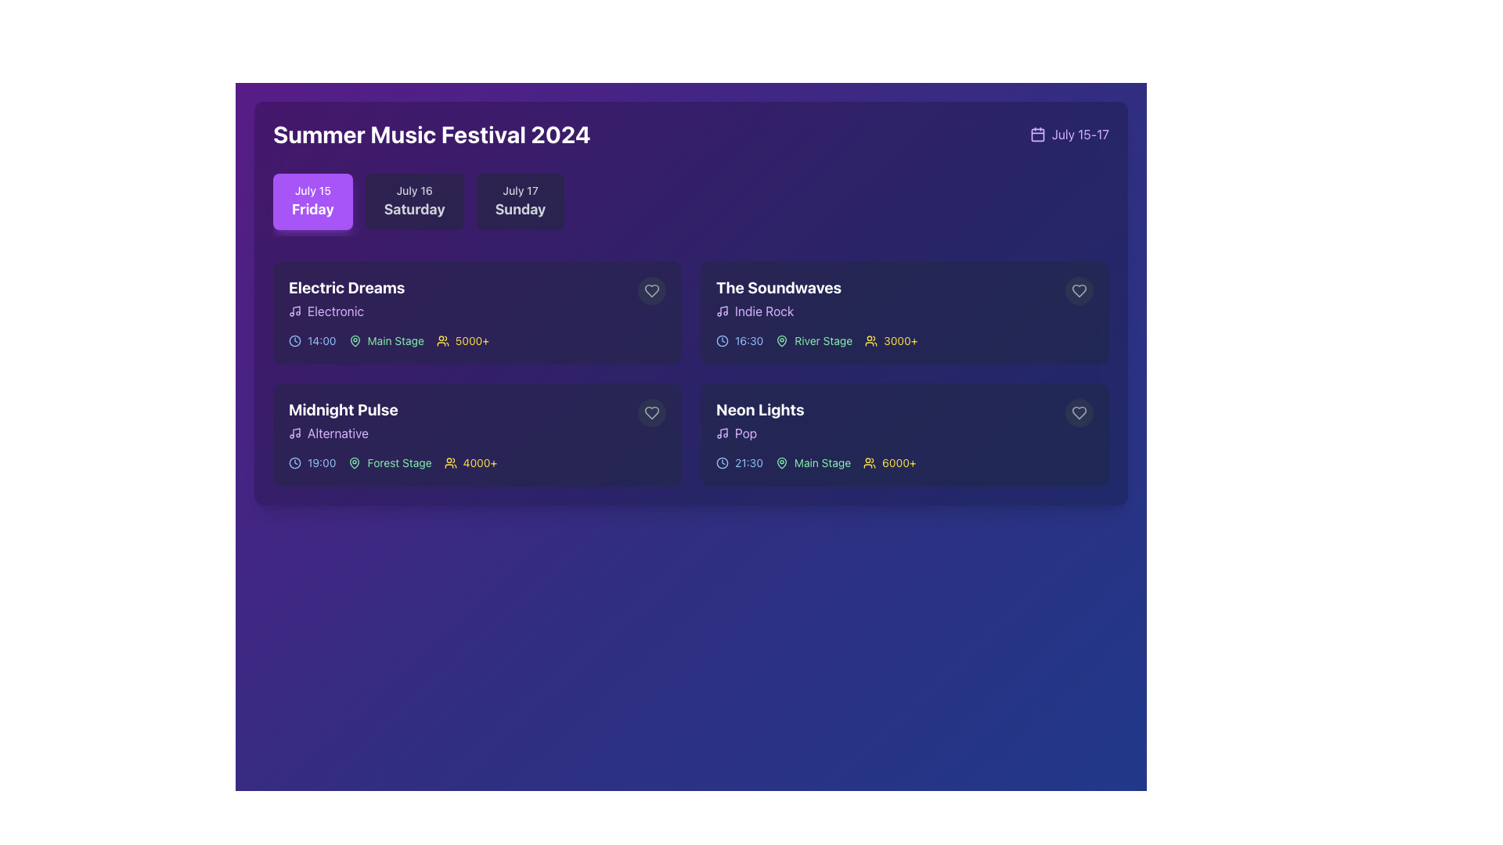 The height and width of the screenshot is (845, 1503). Describe the element at coordinates (1078, 412) in the screenshot. I see `the Heart-shaped Icon located at the top-right corner of the event card for 'Neon Lights' to indicate preference or interest` at that location.